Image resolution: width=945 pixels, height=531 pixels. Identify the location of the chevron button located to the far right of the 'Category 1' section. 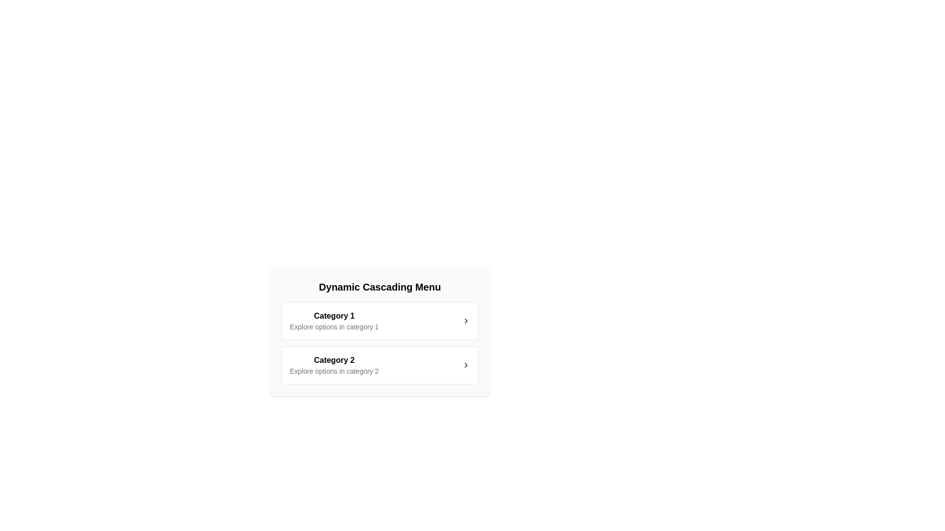
(465, 321).